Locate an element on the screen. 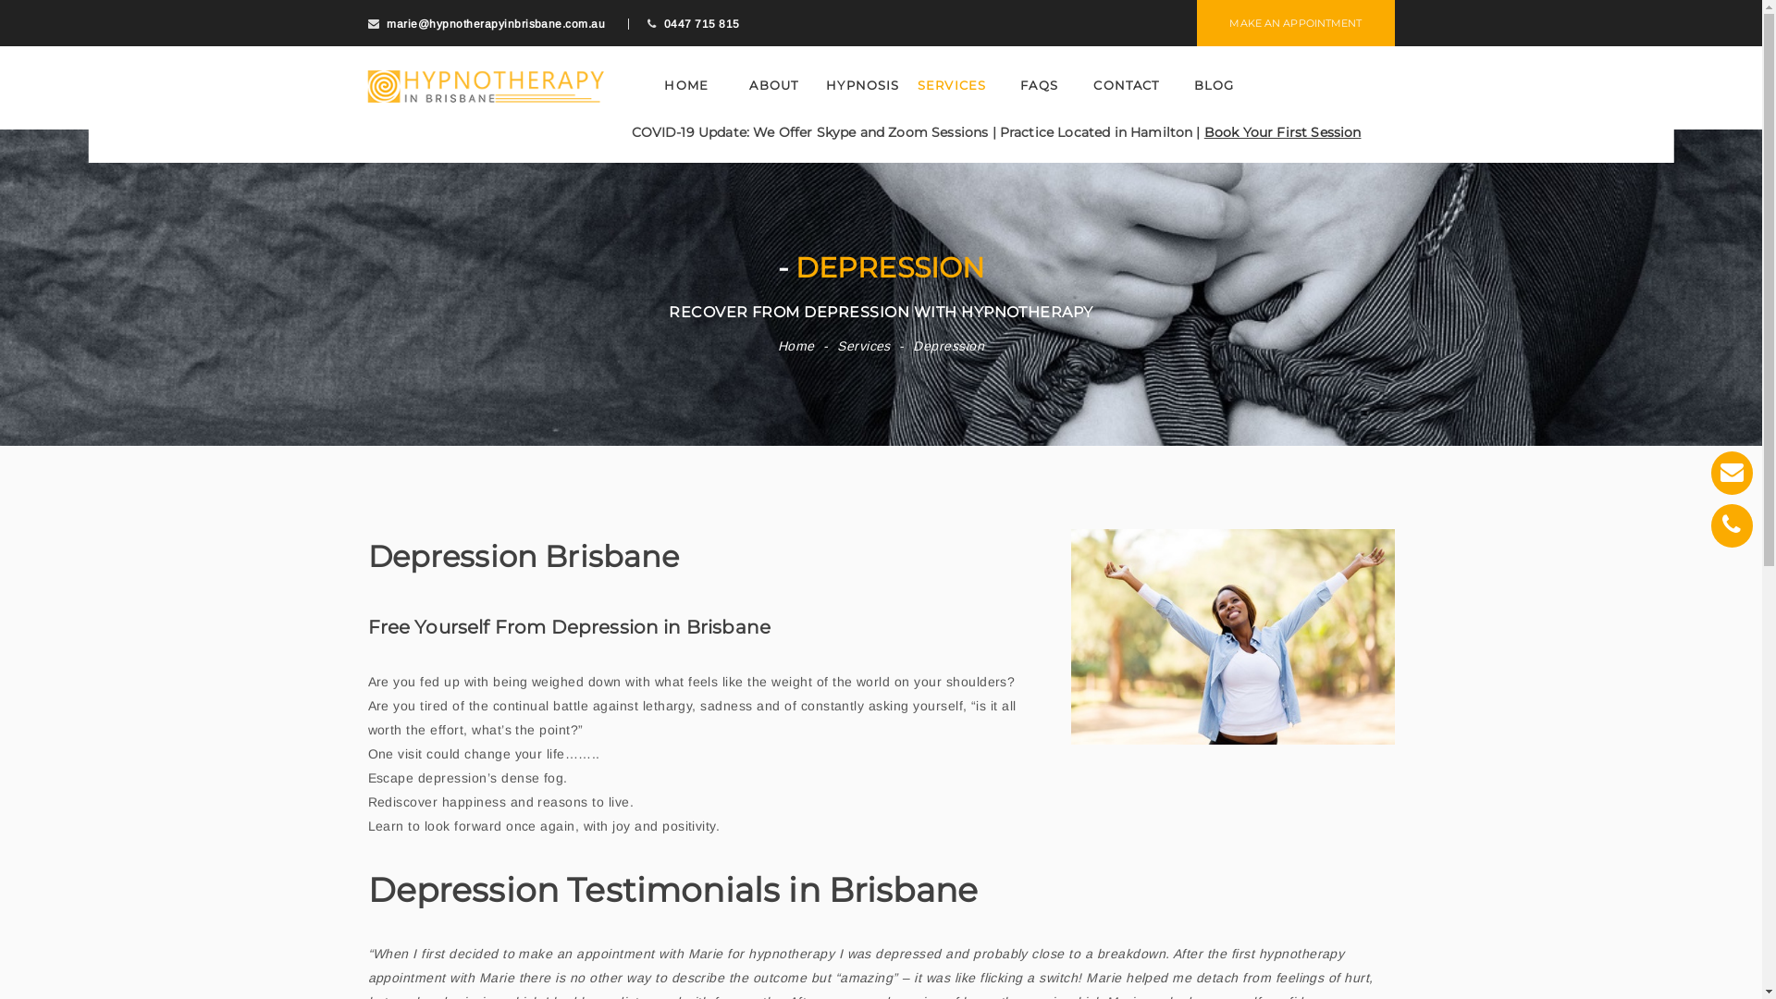 This screenshot has width=1776, height=999. 'Home' is located at coordinates (795, 346).